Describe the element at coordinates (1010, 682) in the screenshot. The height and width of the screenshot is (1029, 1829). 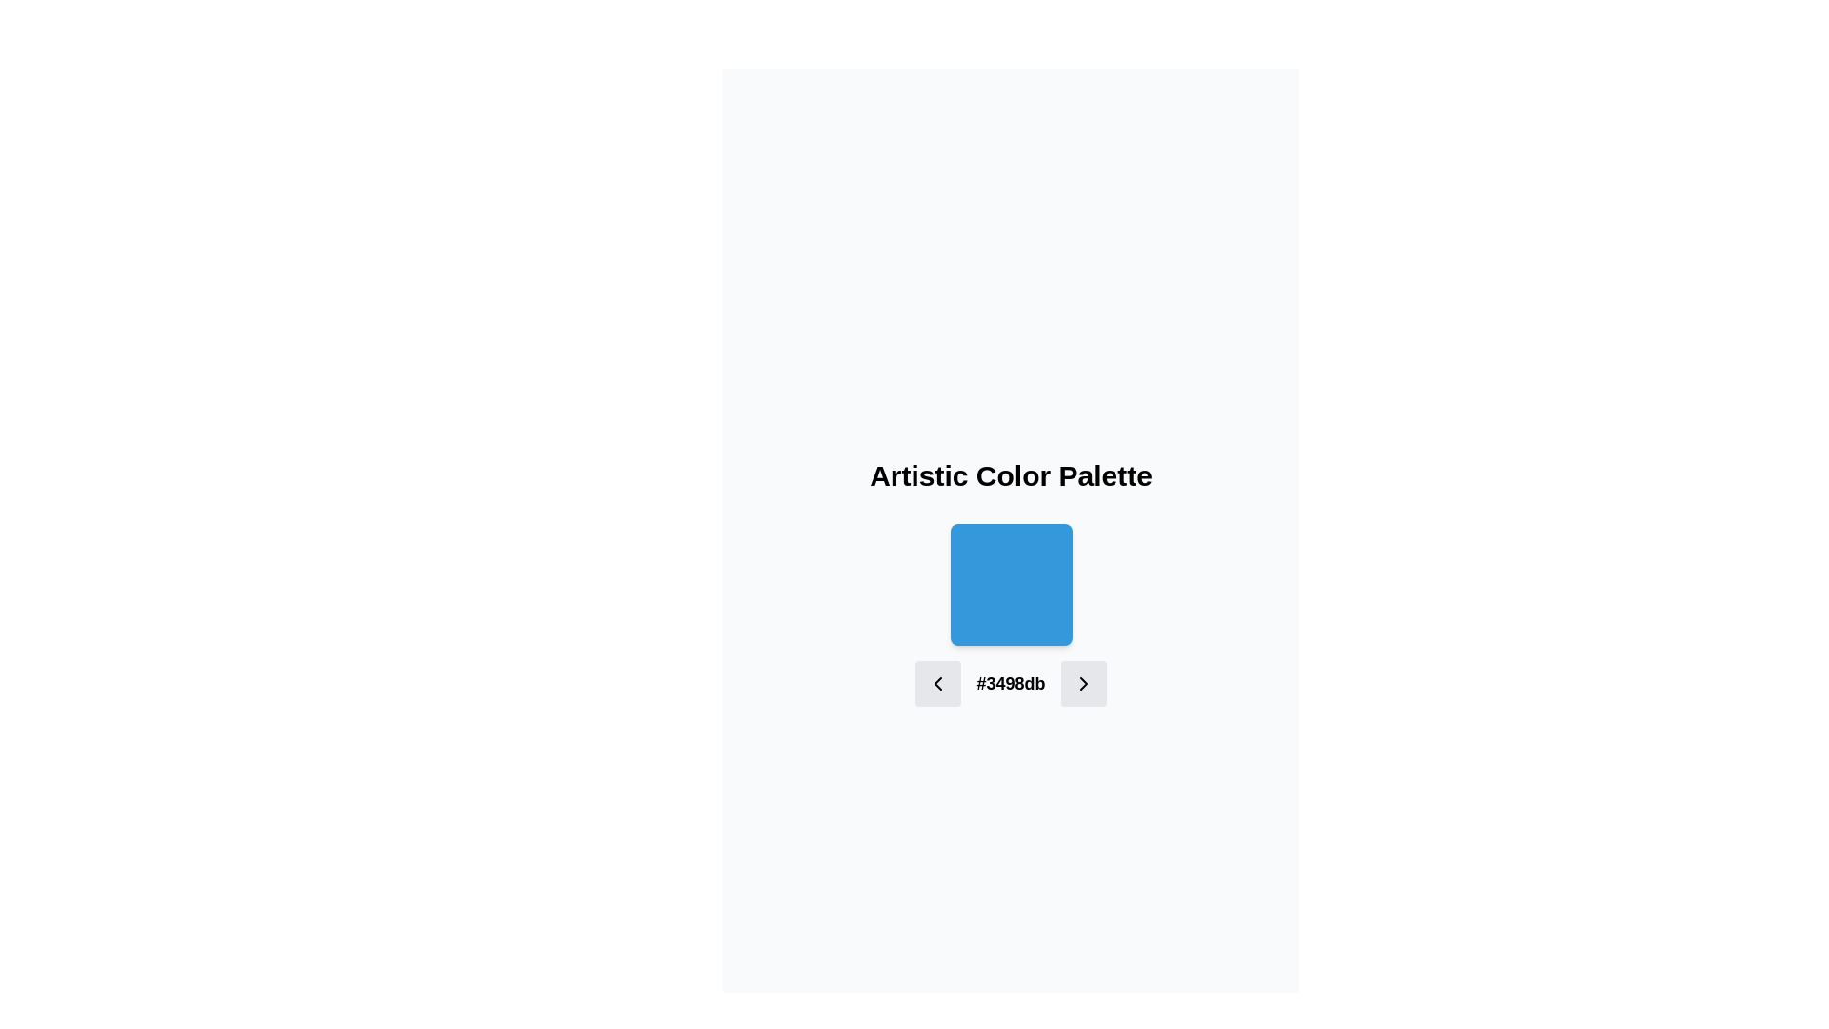
I see `the Text Label displaying the current color code in hexadecimal format, located at the bottom of the interface between the left-pointing and right-pointing arrows, below the blue square color sample` at that location.